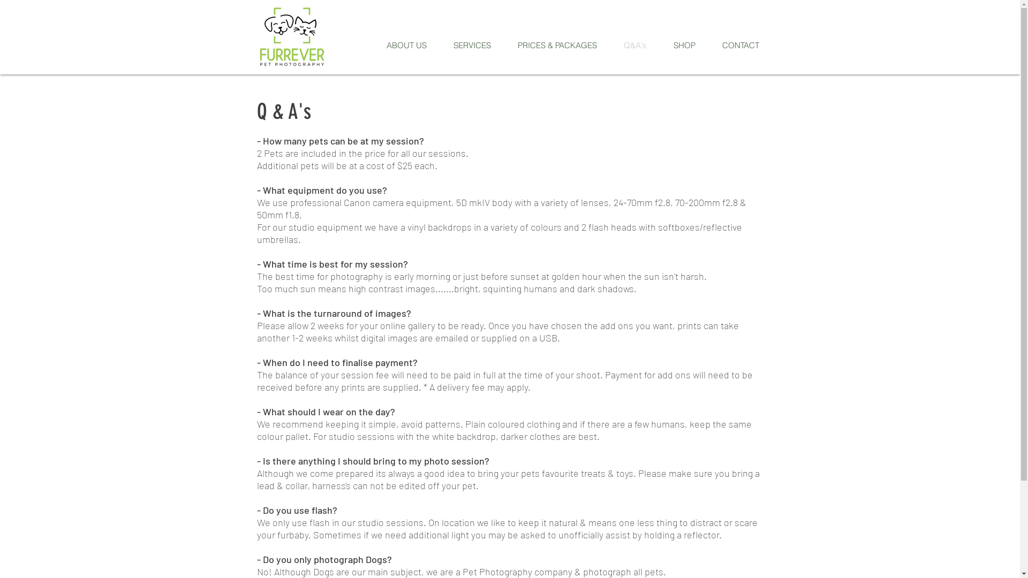 The image size is (1028, 578). Describe the element at coordinates (635, 44) in the screenshot. I see `'Q&A's'` at that location.